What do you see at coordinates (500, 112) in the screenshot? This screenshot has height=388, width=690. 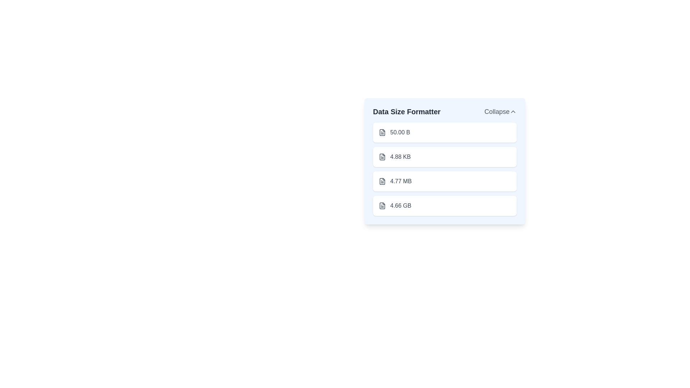 I see `the collapse button located at the upper-right section of the 'Data Size Formatter' box to minimize the associated content` at bounding box center [500, 112].